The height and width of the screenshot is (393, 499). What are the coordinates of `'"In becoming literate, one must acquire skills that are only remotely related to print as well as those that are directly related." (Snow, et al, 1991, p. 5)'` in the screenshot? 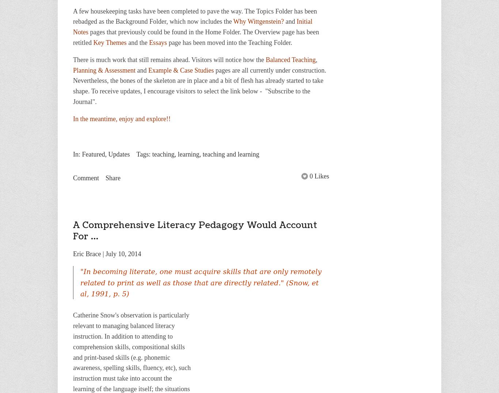 It's located at (201, 282).